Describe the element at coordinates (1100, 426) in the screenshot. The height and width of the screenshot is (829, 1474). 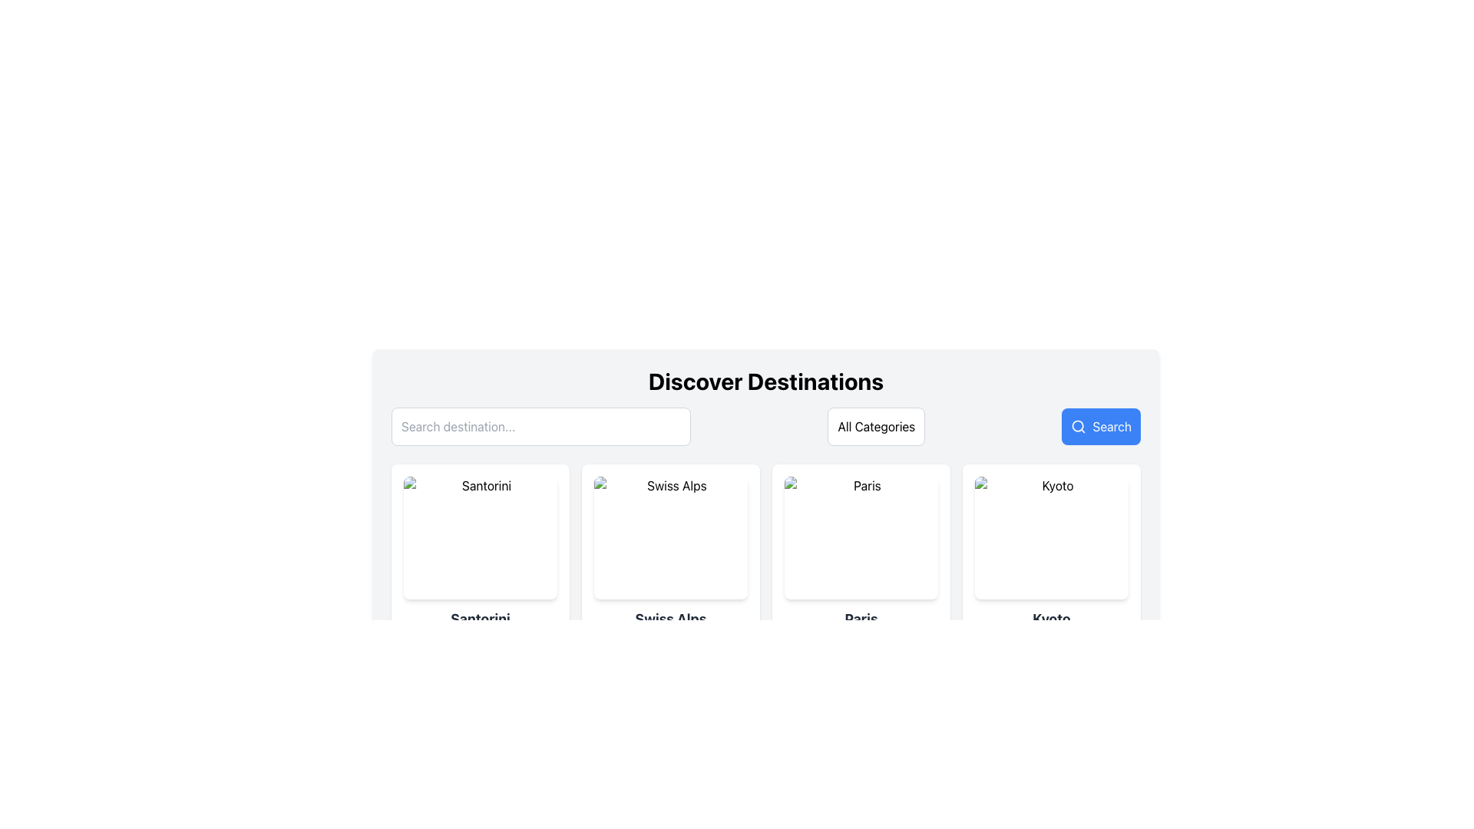
I see `the search button located at the top-right of the section, adjacent to the 'All Categories' dropdown` at that location.